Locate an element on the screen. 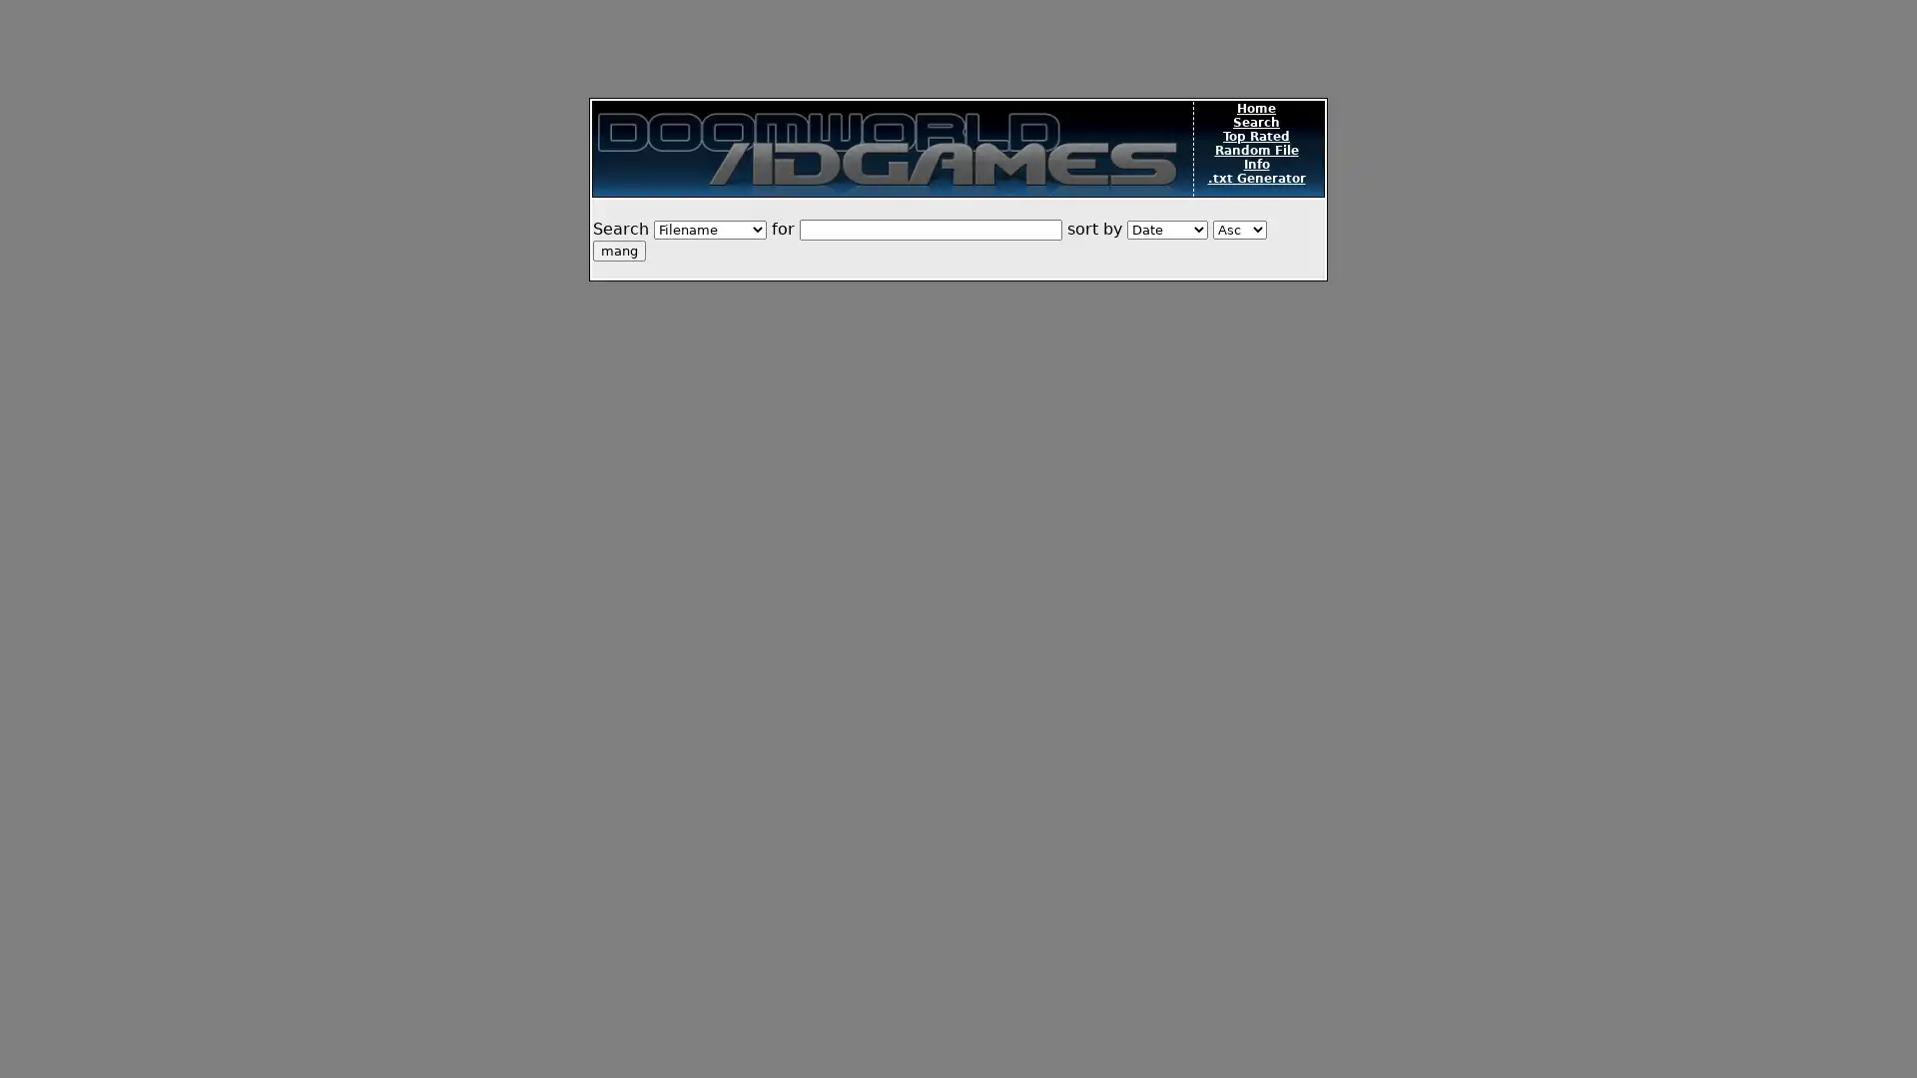 This screenshot has width=1917, height=1078. mang is located at coordinates (618, 250).